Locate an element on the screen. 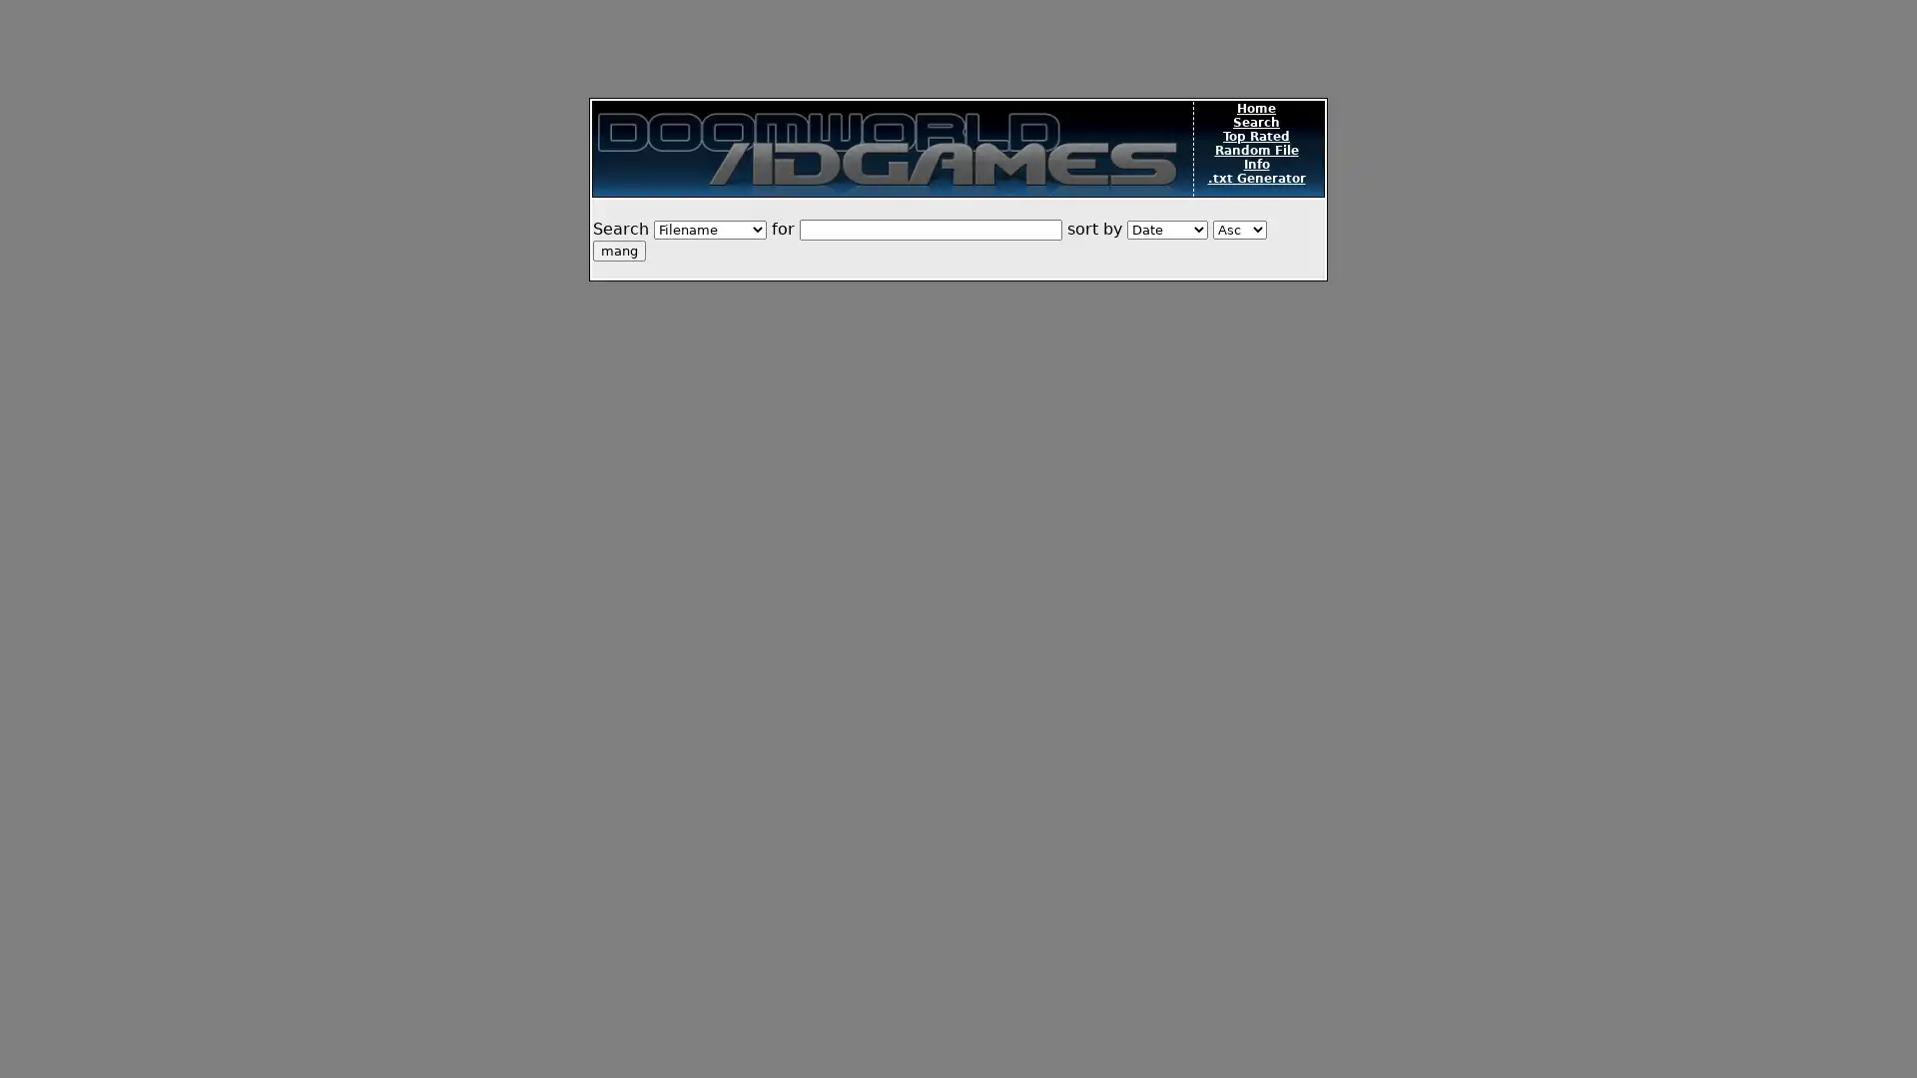 This screenshot has width=1917, height=1078. mang is located at coordinates (618, 250).